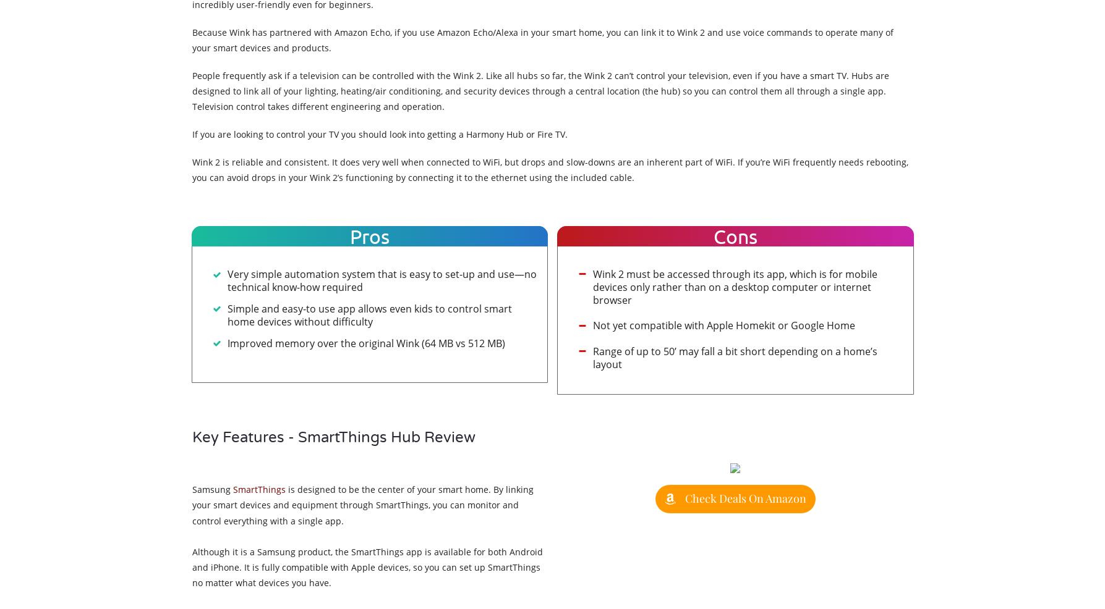 The image size is (1105, 609). Describe the element at coordinates (191, 38) in the screenshot. I see `'Because Wink has partnered with Amazon Echo, if you use Amazon Echo/Alexa in your smart home, you can link it to Wink 2 and use voice commands to operate many of your smart devices and products.'` at that location.